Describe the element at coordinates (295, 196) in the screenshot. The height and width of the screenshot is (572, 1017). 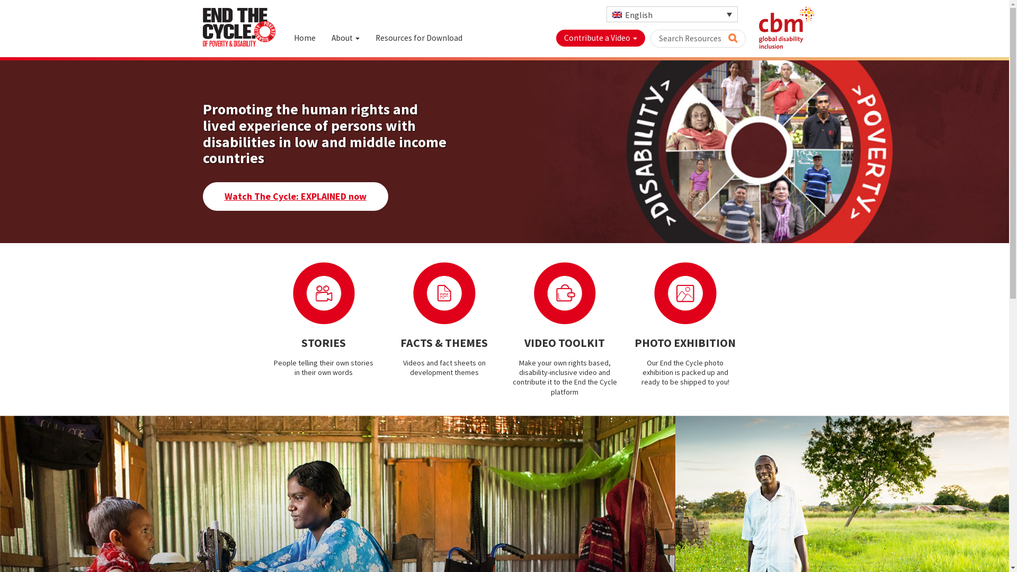
I see `'Watch The Cycle: EXPLAINED now'` at that location.